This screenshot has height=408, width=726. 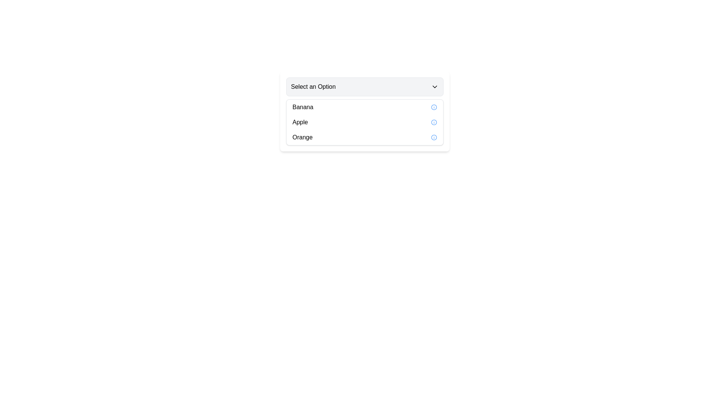 I want to click on the dropdown selector that says 'Select an Option' by clicking it to enable keyboard input, so click(x=365, y=87).